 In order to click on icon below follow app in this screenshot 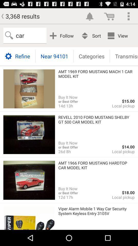, I will do `click(91, 56)`.